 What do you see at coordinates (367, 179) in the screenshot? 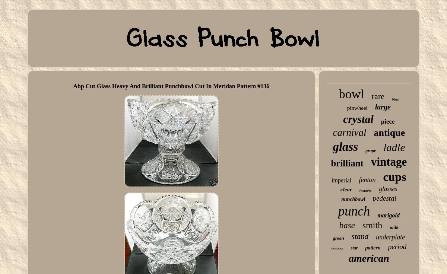
I see `'fenton'` at bounding box center [367, 179].